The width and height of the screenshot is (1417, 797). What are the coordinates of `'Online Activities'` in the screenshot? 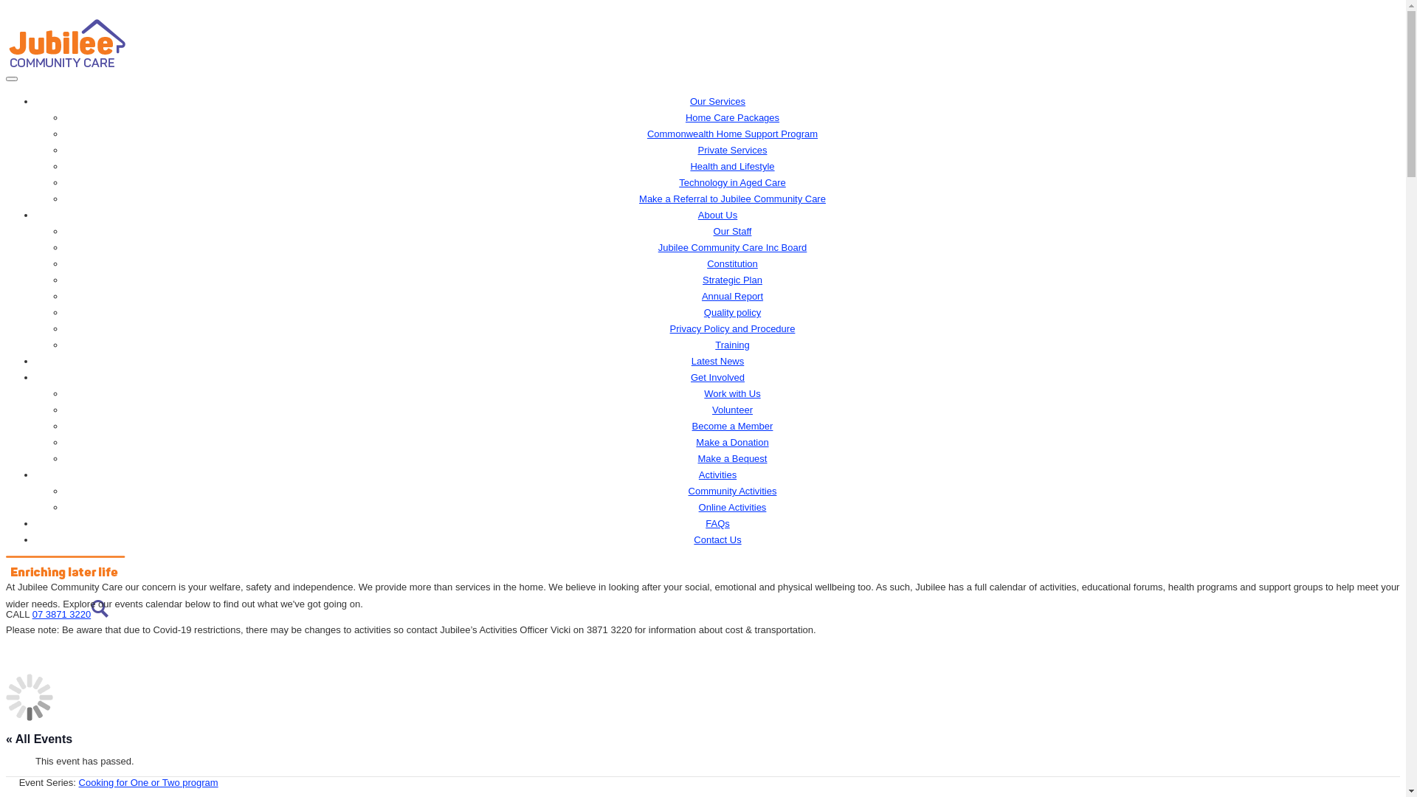 It's located at (733, 506).